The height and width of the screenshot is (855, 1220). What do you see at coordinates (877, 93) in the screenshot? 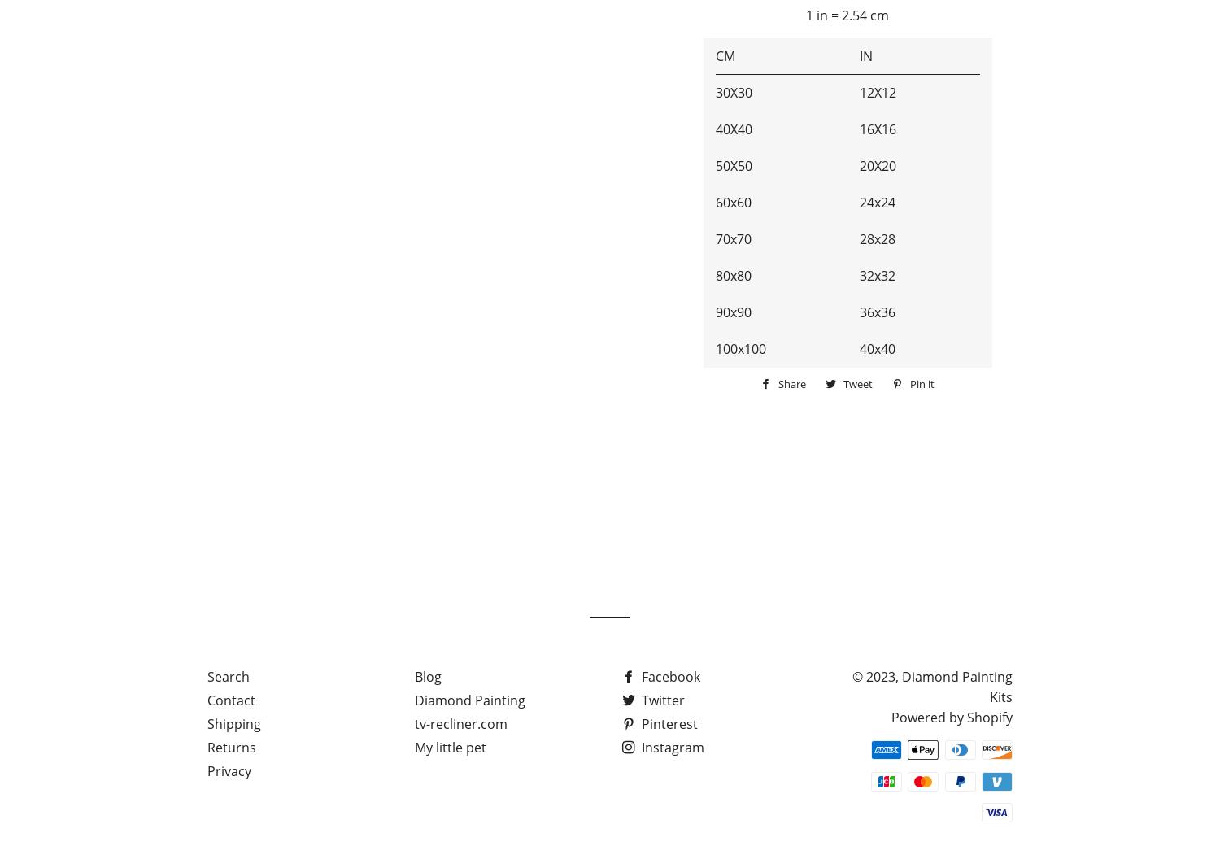
I see `'12X12'` at bounding box center [877, 93].